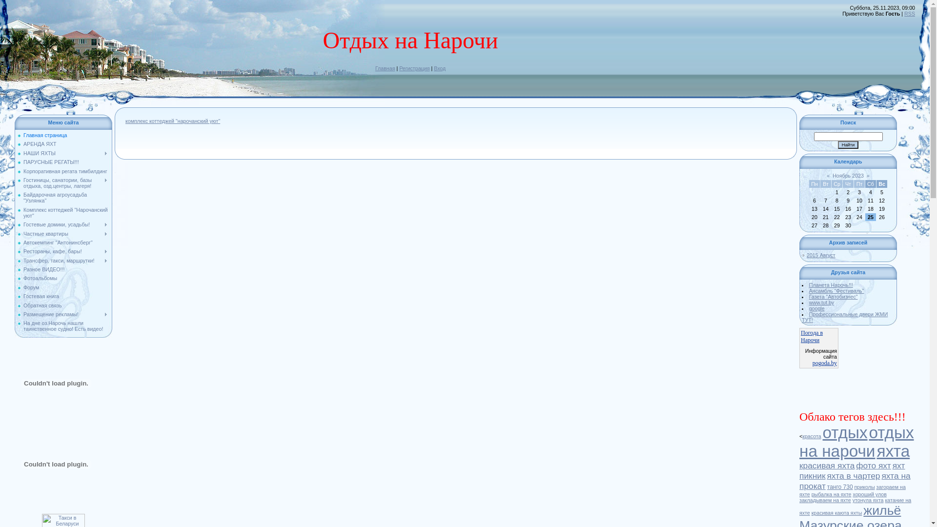  Describe the element at coordinates (809, 308) in the screenshot. I see `'google'` at that location.